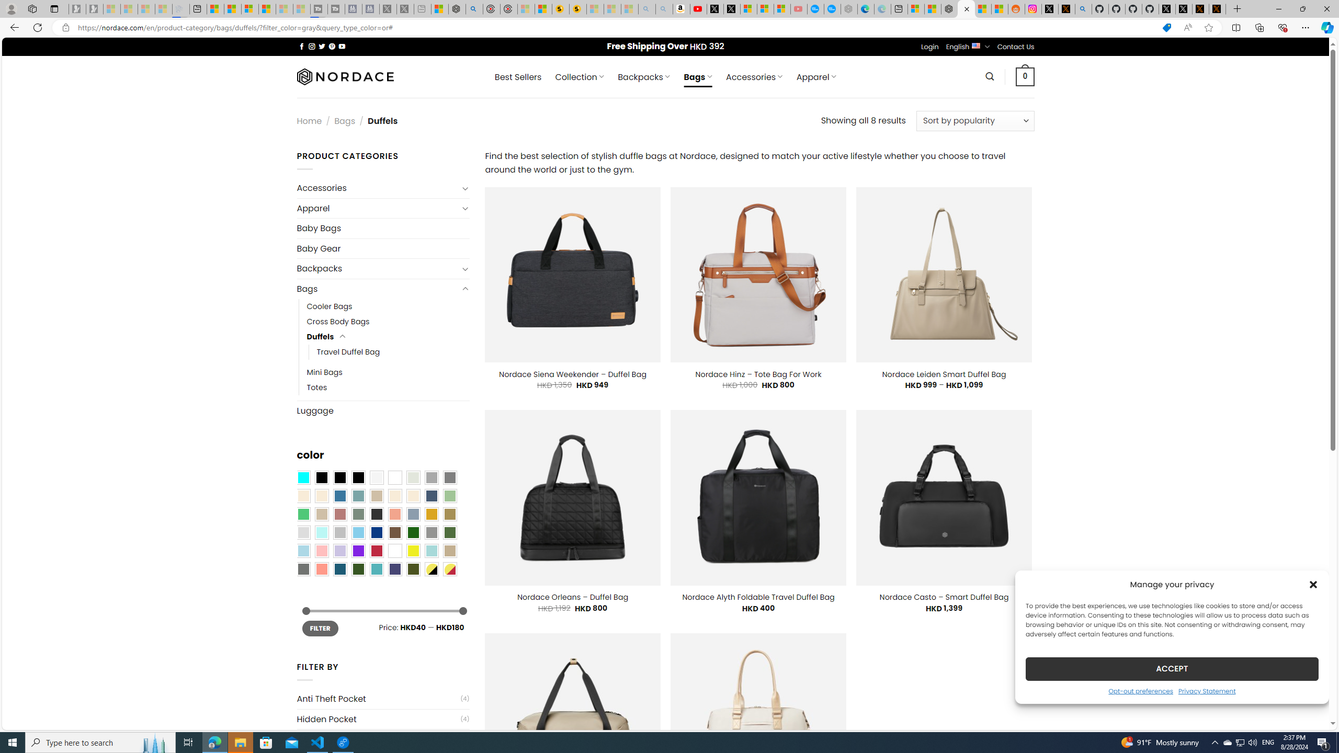 This screenshot has height=753, width=1339. What do you see at coordinates (339, 568) in the screenshot?
I see `'Capri Blue'` at bounding box center [339, 568].